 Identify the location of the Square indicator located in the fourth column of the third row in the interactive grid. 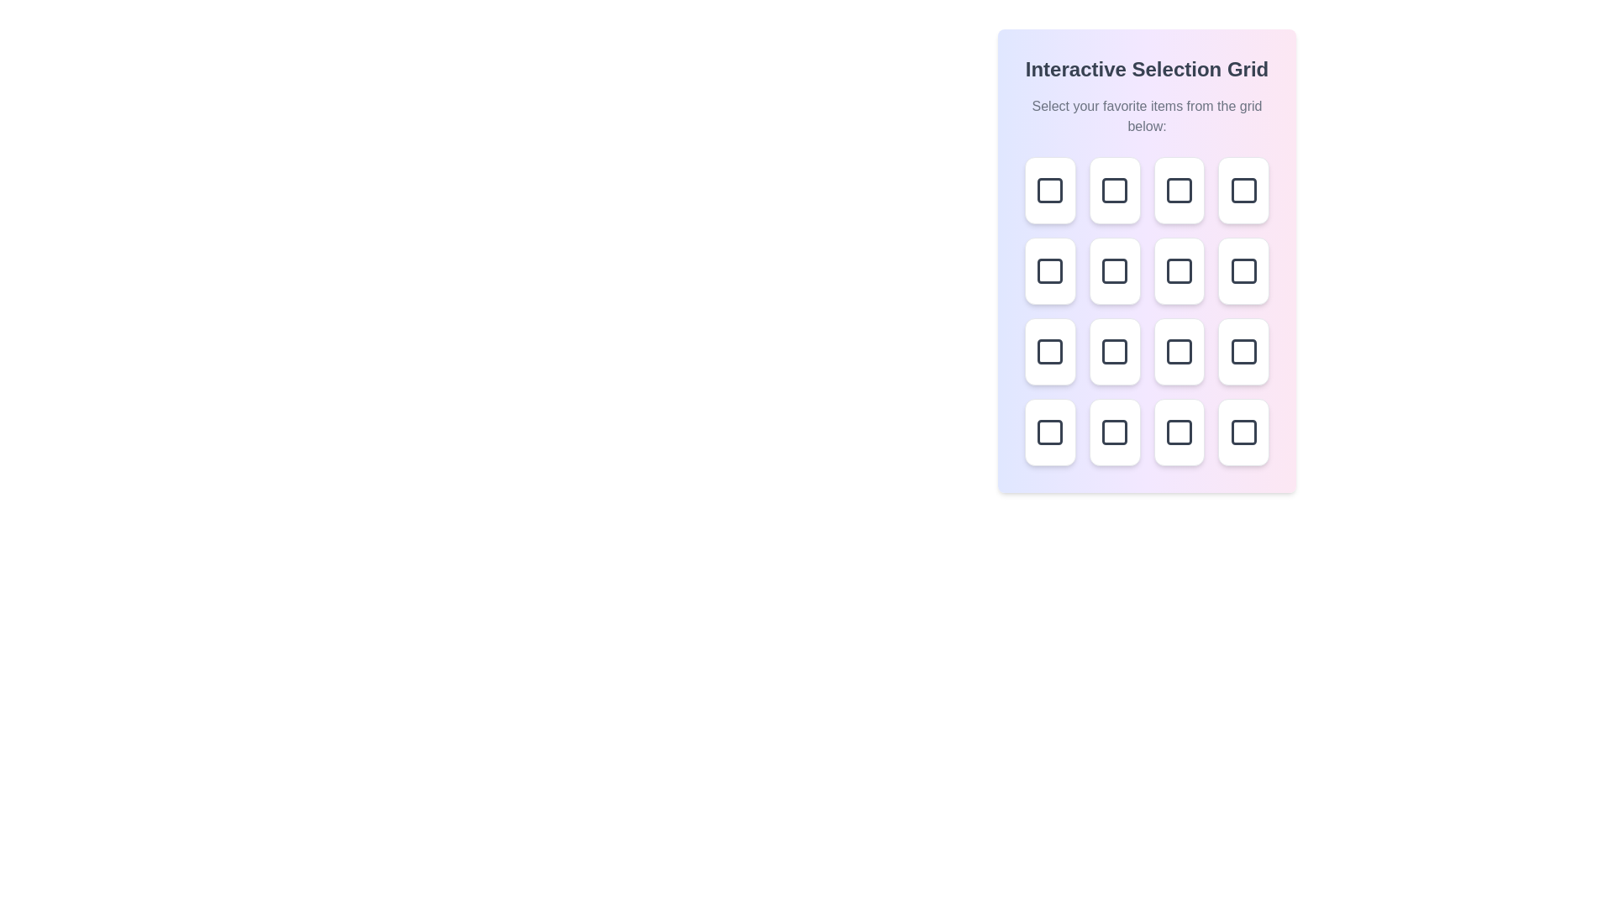
(1178, 351).